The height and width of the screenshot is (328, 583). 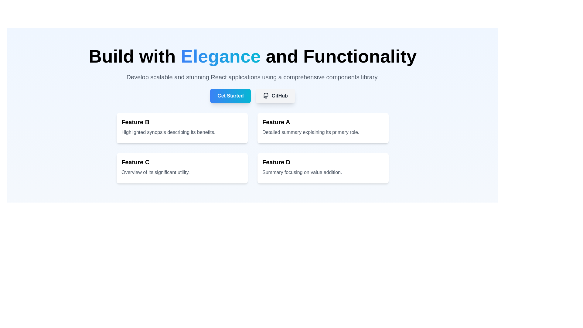 What do you see at coordinates (182, 132) in the screenshot?
I see `text element located directly below the 'Feature B' header in the upper-left quadrant of the grid layout, which serves as a brief description or summary of 'Feature B'` at bounding box center [182, 132].